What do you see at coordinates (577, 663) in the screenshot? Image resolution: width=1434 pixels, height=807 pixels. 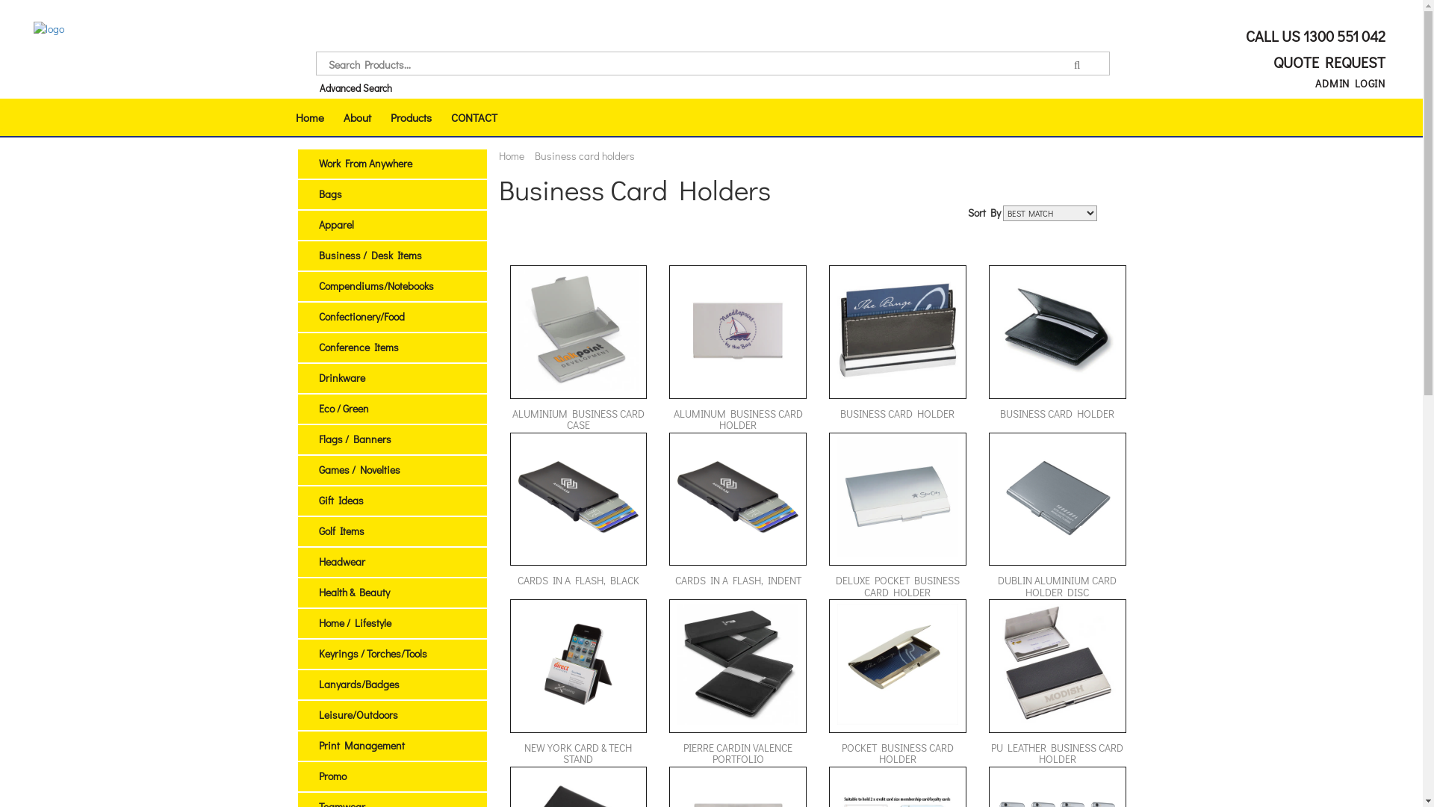 I see `'New York Card & Tech Stand (G9730` at bounding box center [577, 663].